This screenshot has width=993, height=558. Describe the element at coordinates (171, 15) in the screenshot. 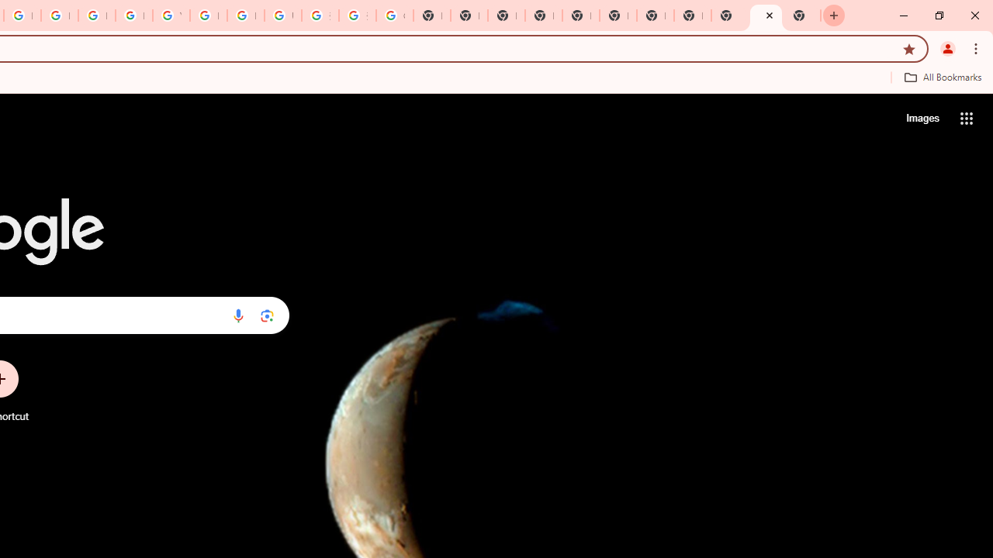

I see `'YouTube'` at that location.